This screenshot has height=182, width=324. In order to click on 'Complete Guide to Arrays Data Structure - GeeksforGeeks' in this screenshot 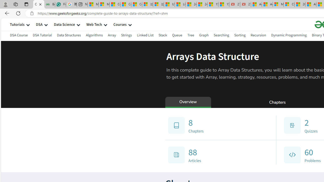, I will do `click(38, 4)`.